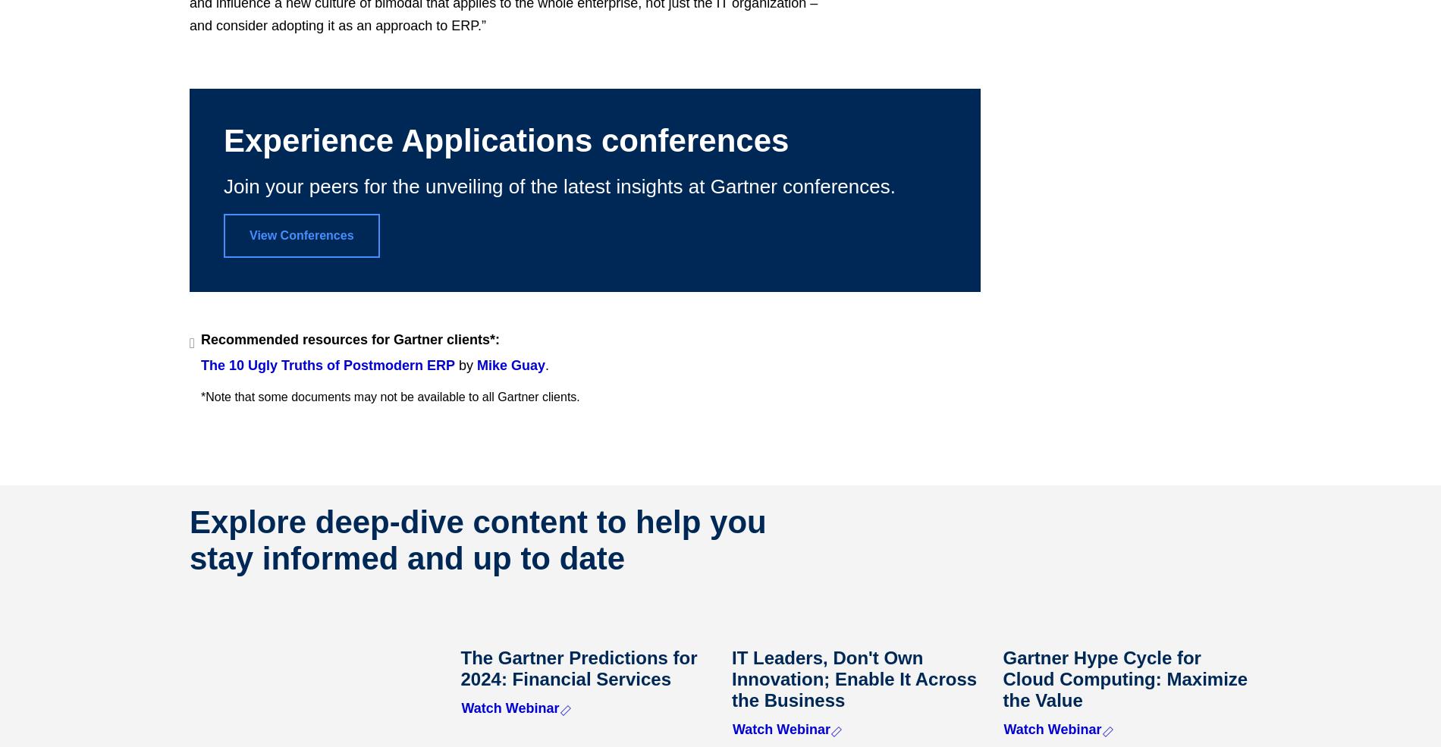 This screenshot has height=747, width=1441. I want to click on 'Recommended resources for Gartner clients*:', so click(199, 338).